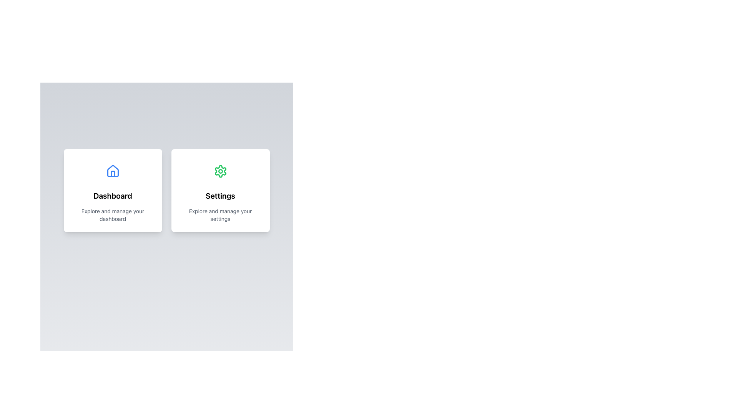 This screenshot has width=738, height=415. I want to click on the stylized house icon with a blue outline and partially filled blue interior, located in the upper section of the 'Dashboard' card for contextual information, so click(112, 171).